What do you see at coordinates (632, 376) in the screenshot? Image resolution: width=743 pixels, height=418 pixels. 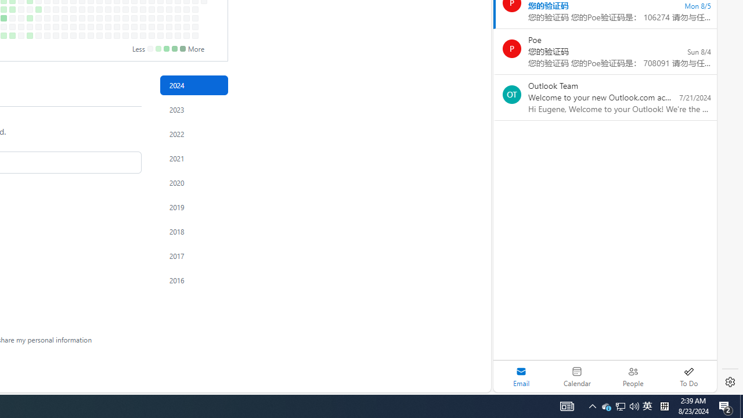 I see `'People'` at bounding box center [632, 376].